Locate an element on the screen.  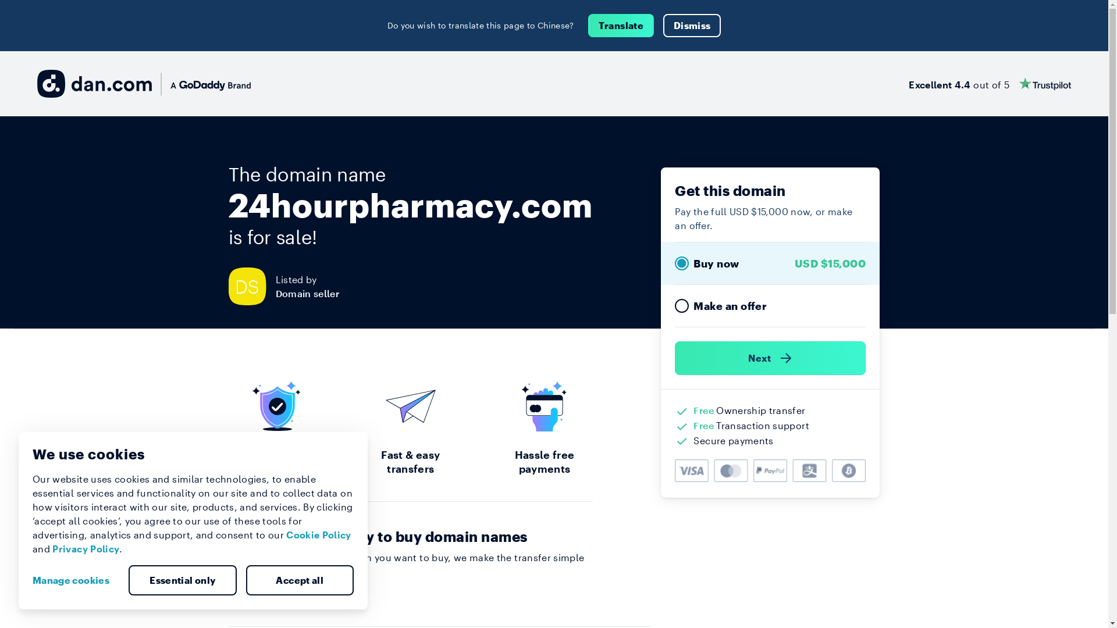
'Dismiss' is located at coordinates (692, 25).